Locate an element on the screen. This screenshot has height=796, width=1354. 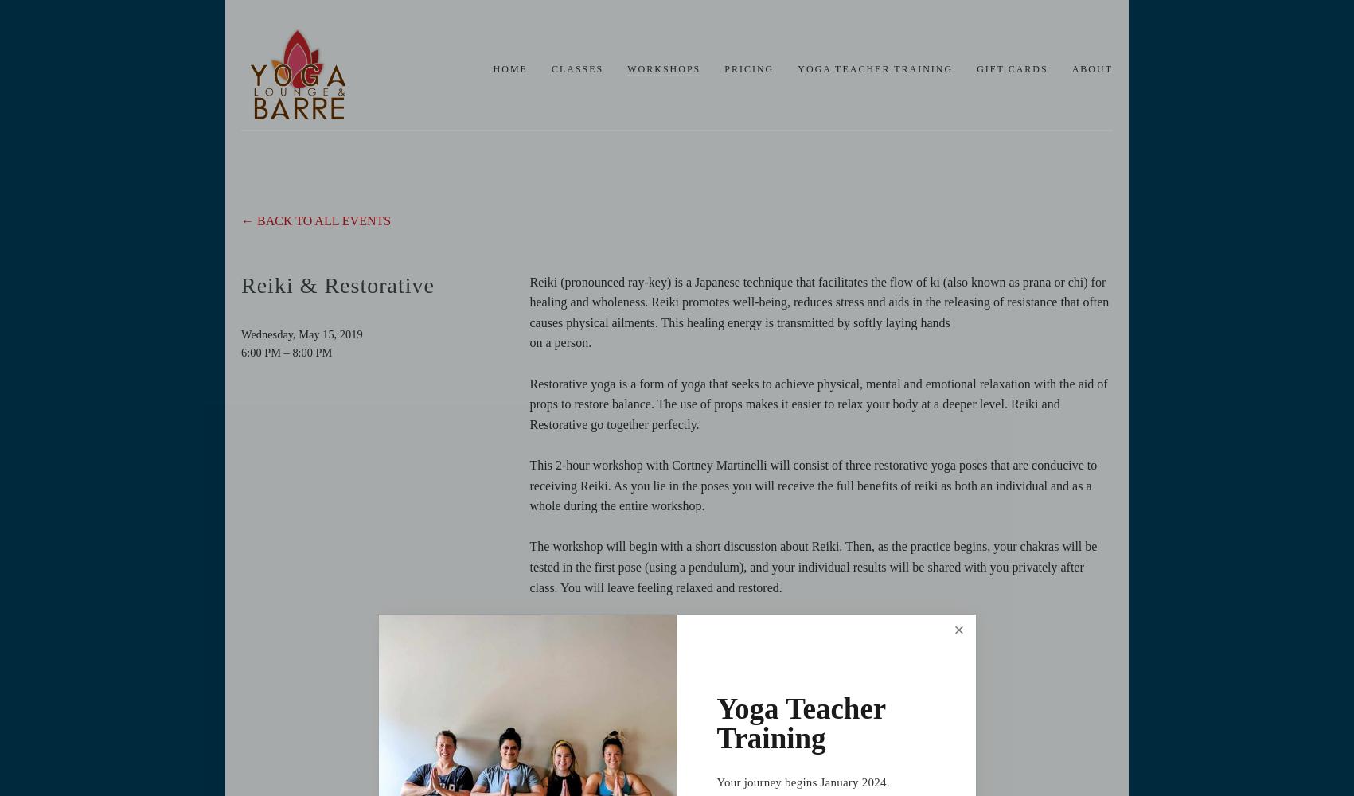
'on a person.' is located at coordinates (560, 342).